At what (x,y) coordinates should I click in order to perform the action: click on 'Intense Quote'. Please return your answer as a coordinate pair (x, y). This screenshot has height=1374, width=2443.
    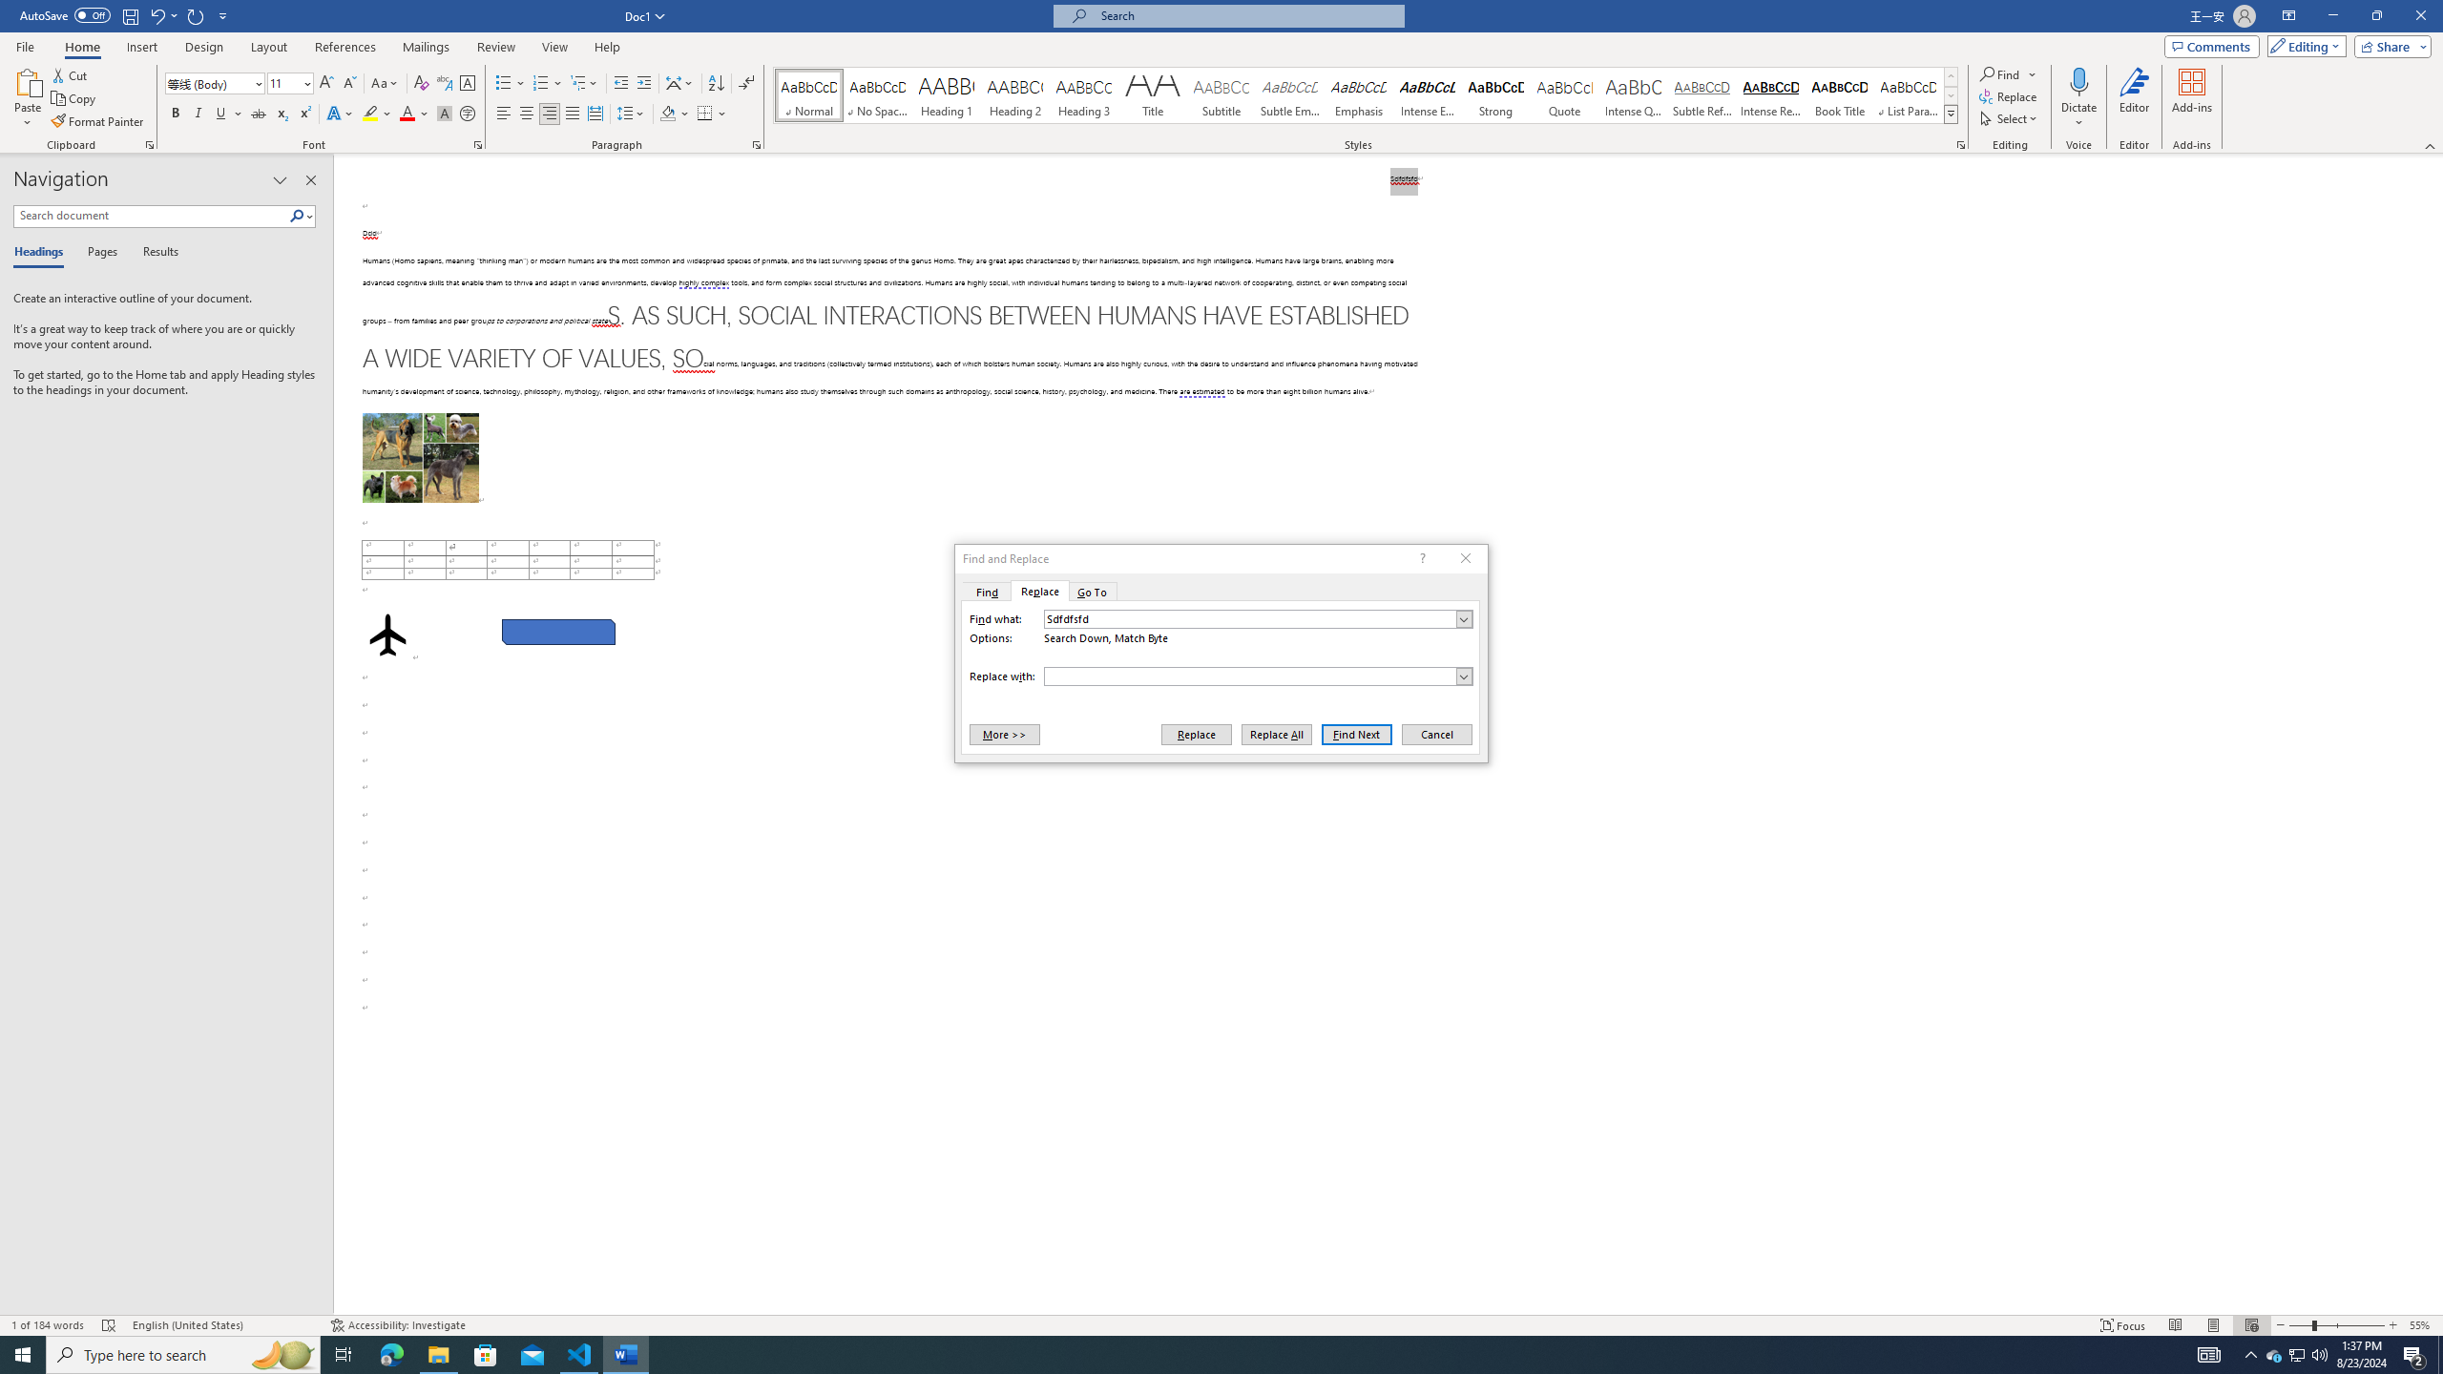
    Looking at the image, I should click on (1634, 94).